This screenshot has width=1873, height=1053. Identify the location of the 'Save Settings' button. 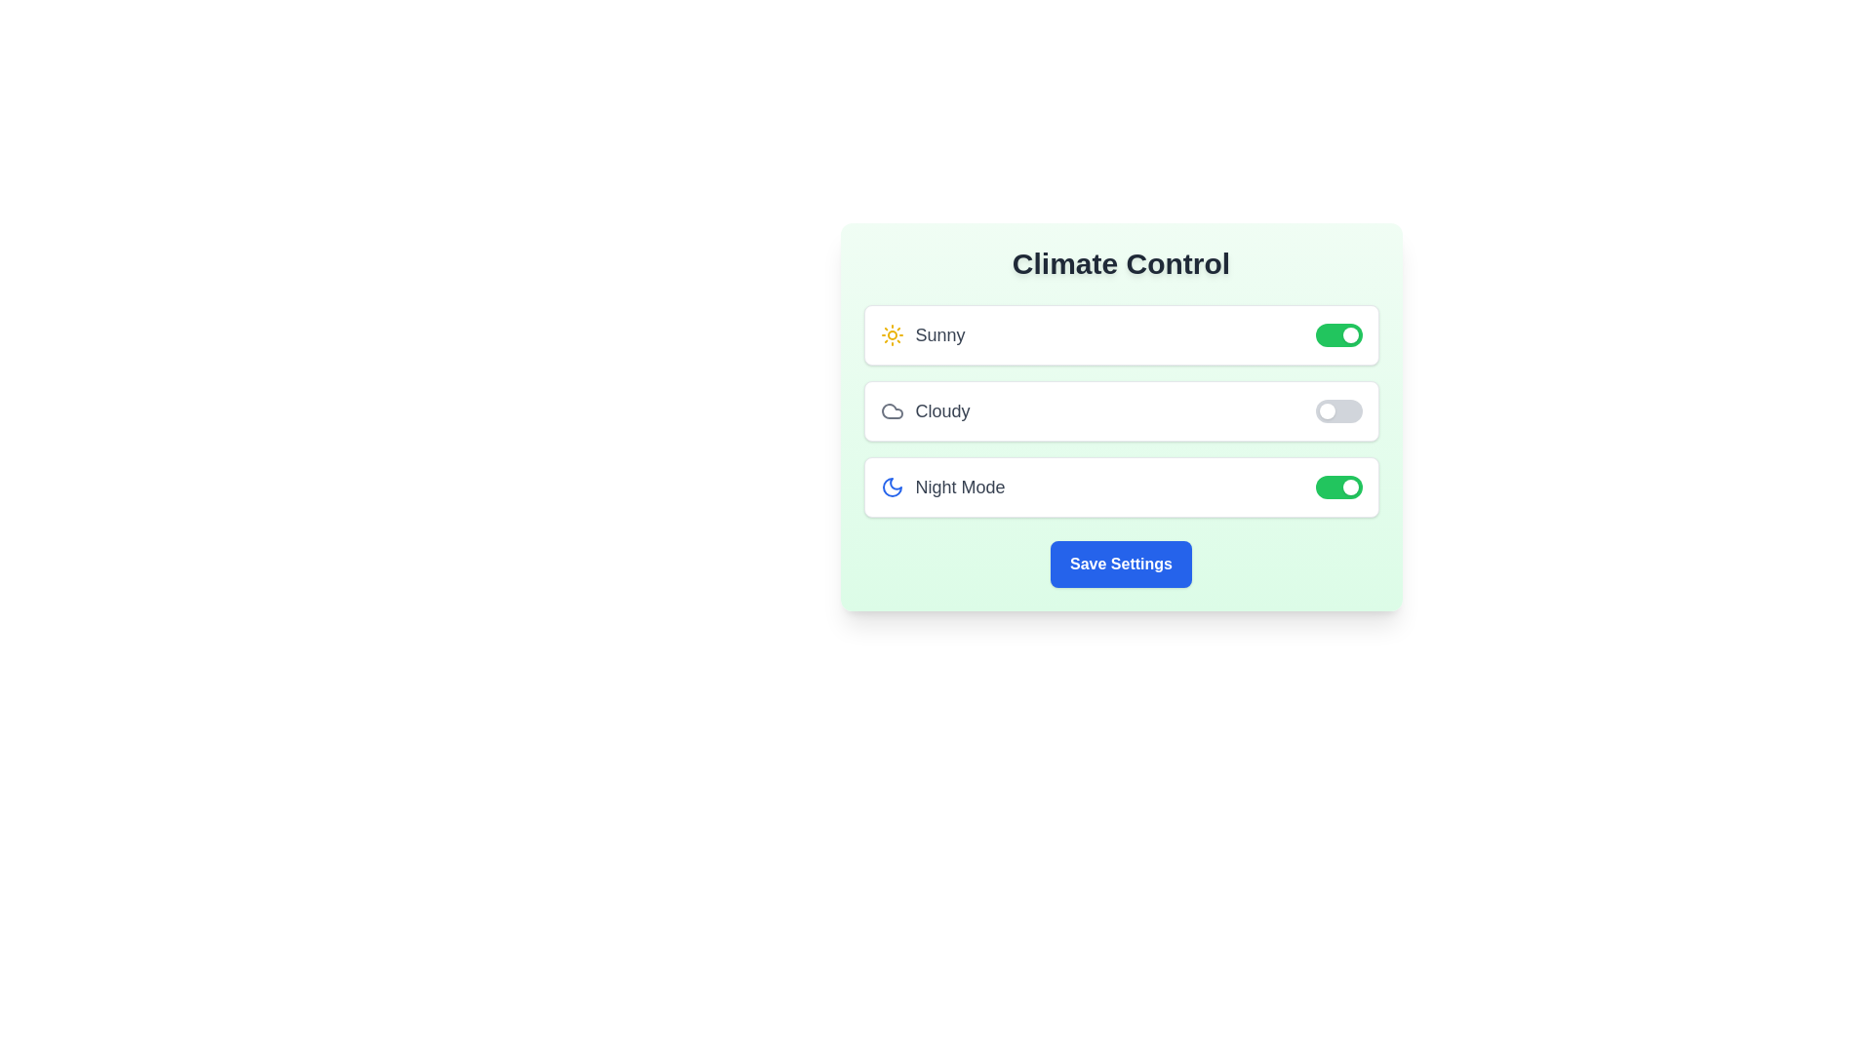
(1121, 564).